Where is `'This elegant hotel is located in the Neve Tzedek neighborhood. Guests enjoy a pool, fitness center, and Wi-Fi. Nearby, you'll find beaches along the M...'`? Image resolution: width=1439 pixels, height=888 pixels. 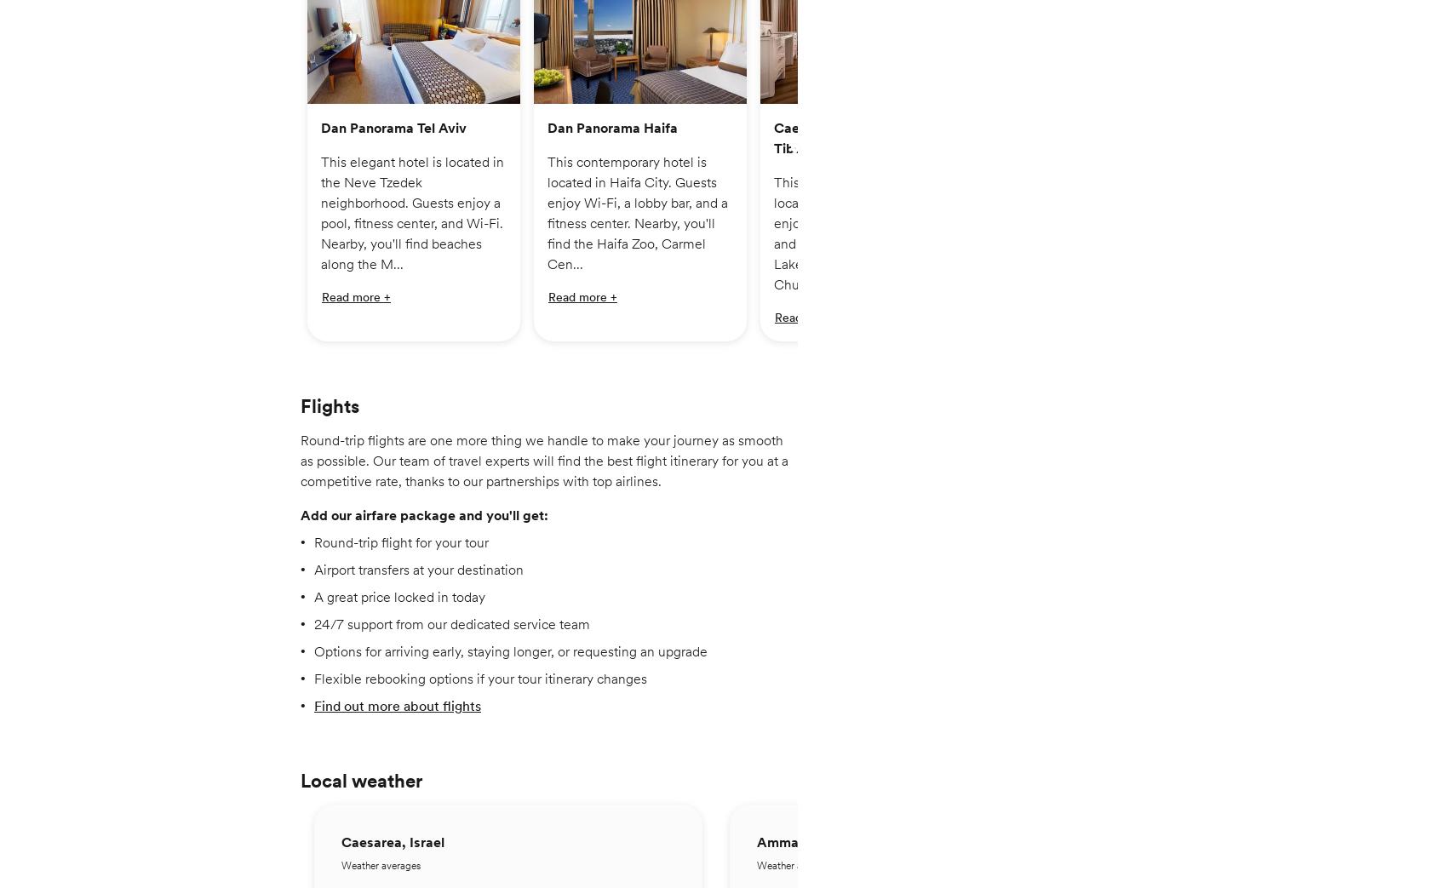
'This elegant hotel is located in the Neve Tzedek neighborhood. Guests enjoy a pool, fitness center, and Wi-Fi. Nearby, you'll find beaches along the M...' is located at coordinates (412, 223).